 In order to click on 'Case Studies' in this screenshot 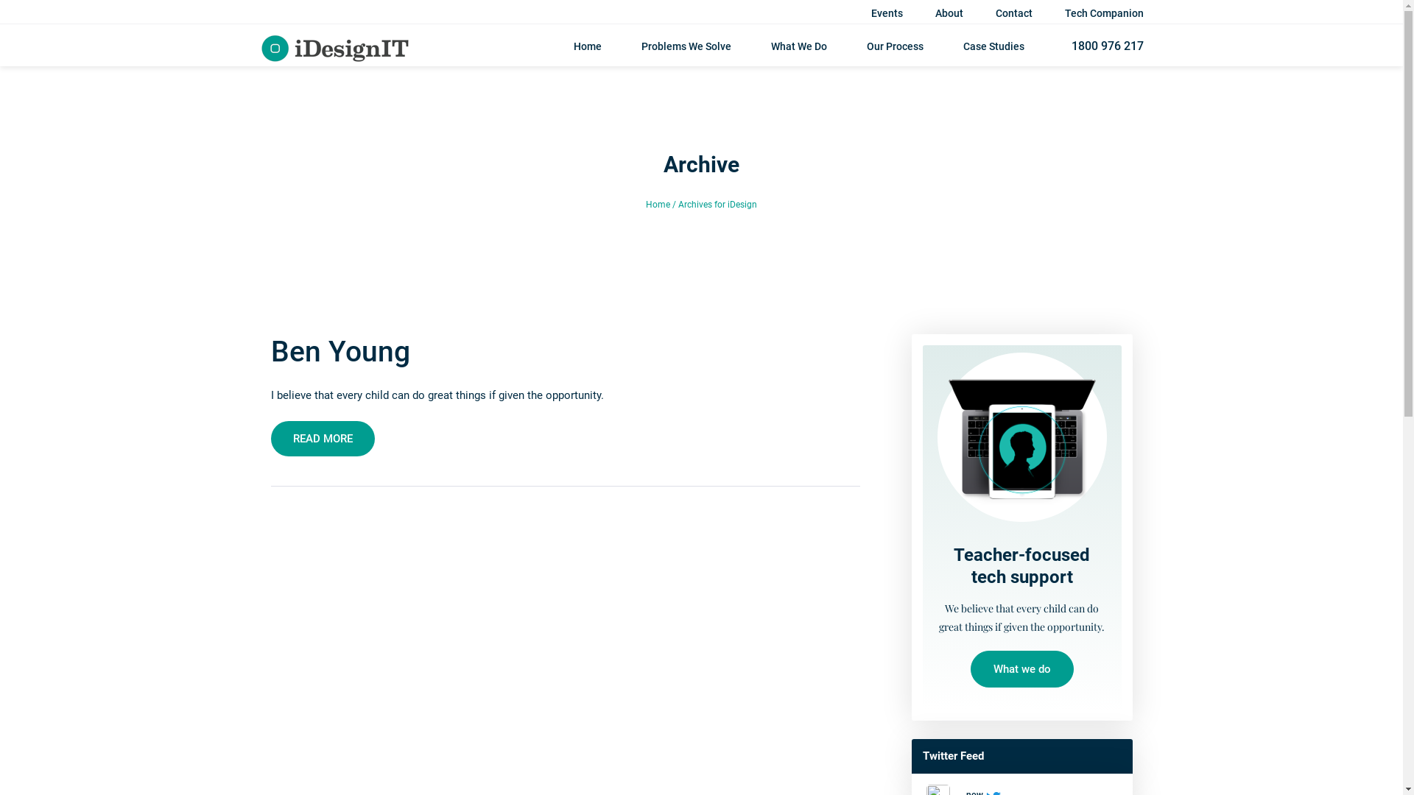, I will do `click(963, 51)`.